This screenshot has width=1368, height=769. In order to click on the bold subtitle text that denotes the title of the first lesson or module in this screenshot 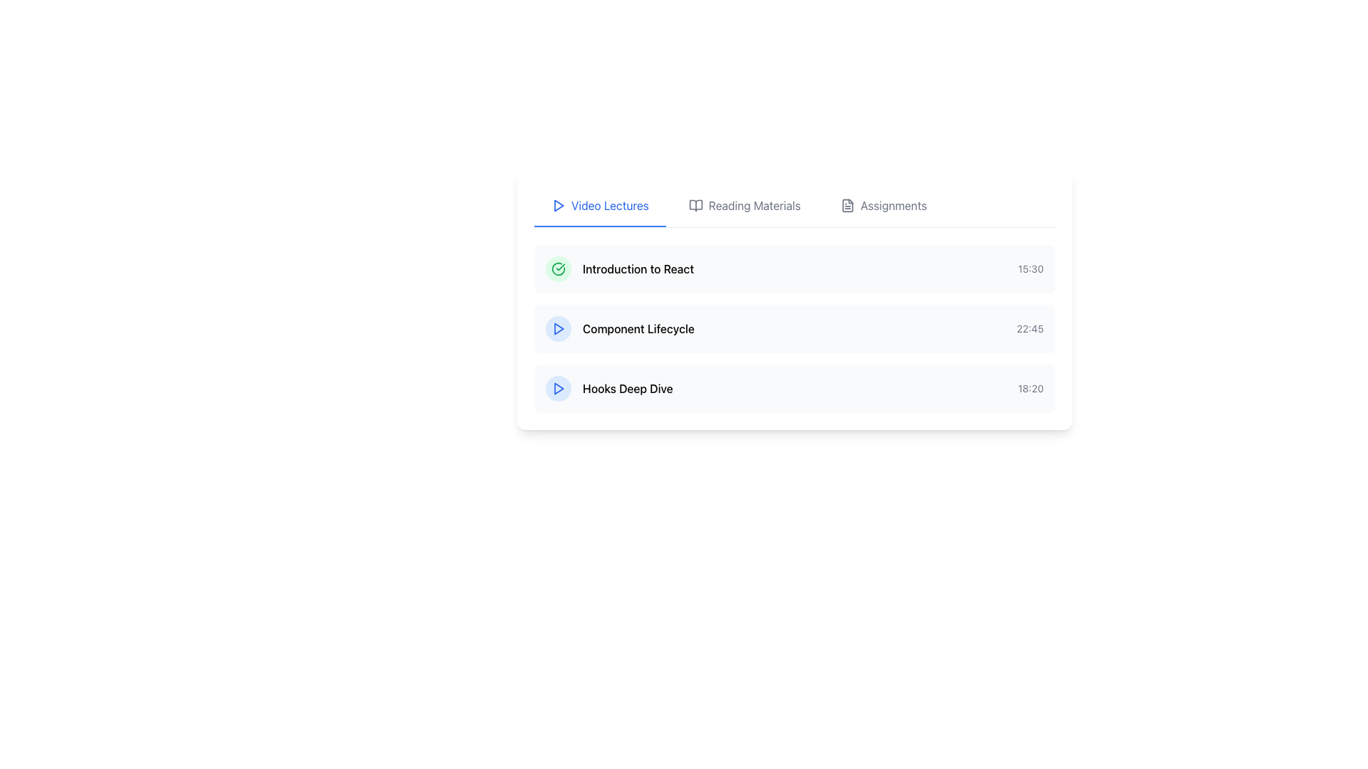, I will do `click(638, 269)`.